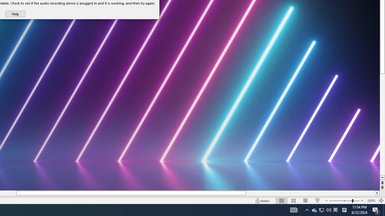  Describe the element at coordinates (371, 201) in the screenshot. I see `'Zoom 268%'` at that location.